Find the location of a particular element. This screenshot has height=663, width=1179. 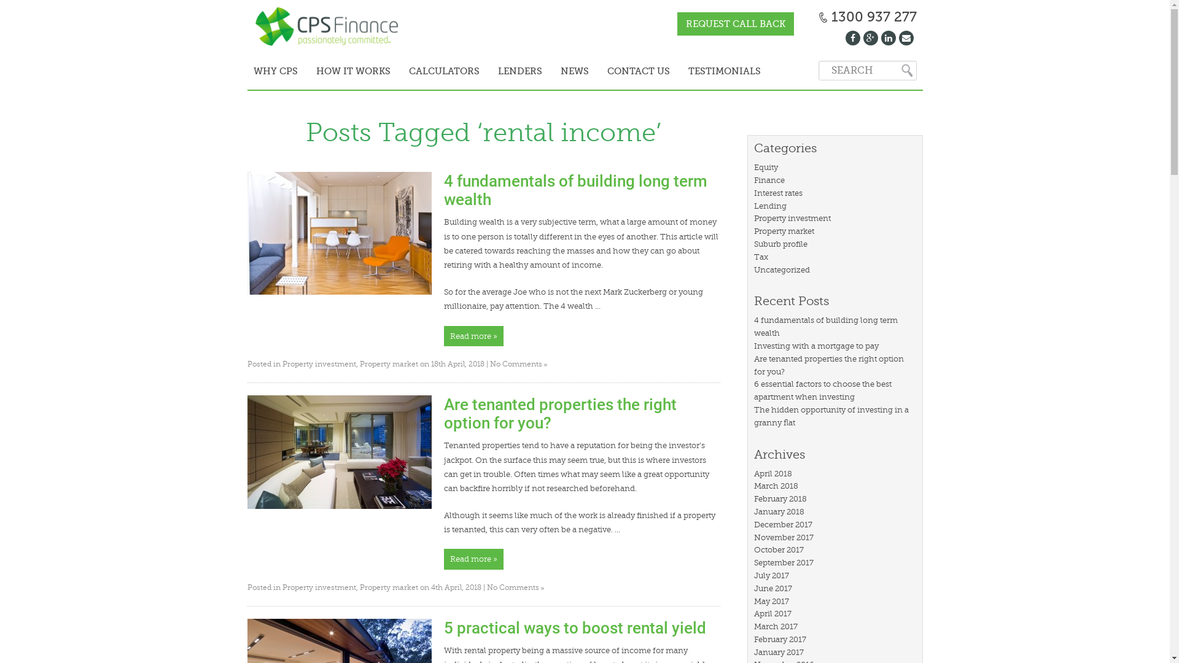

'March 2018' is located at coordinates (753, 485).